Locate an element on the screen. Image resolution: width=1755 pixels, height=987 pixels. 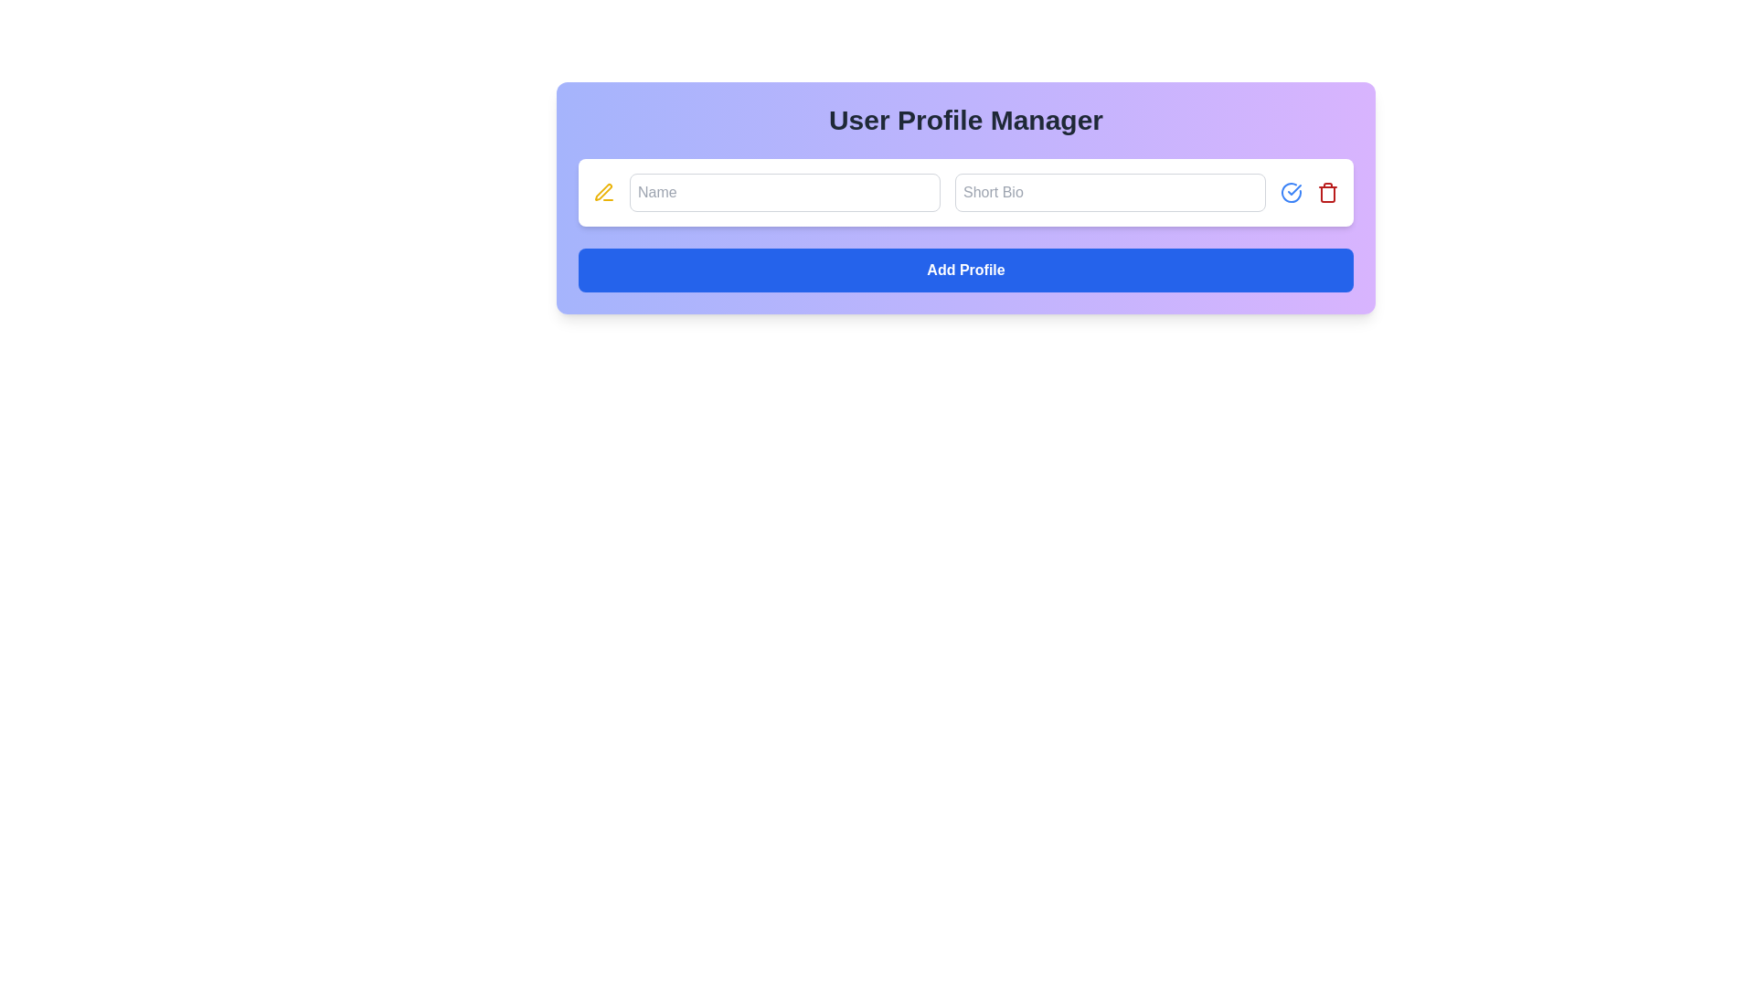
the 'Add Profile' button with a solid blue background and white text, located within the 'User Profile Manager' card is located at coordinates (964, 271).